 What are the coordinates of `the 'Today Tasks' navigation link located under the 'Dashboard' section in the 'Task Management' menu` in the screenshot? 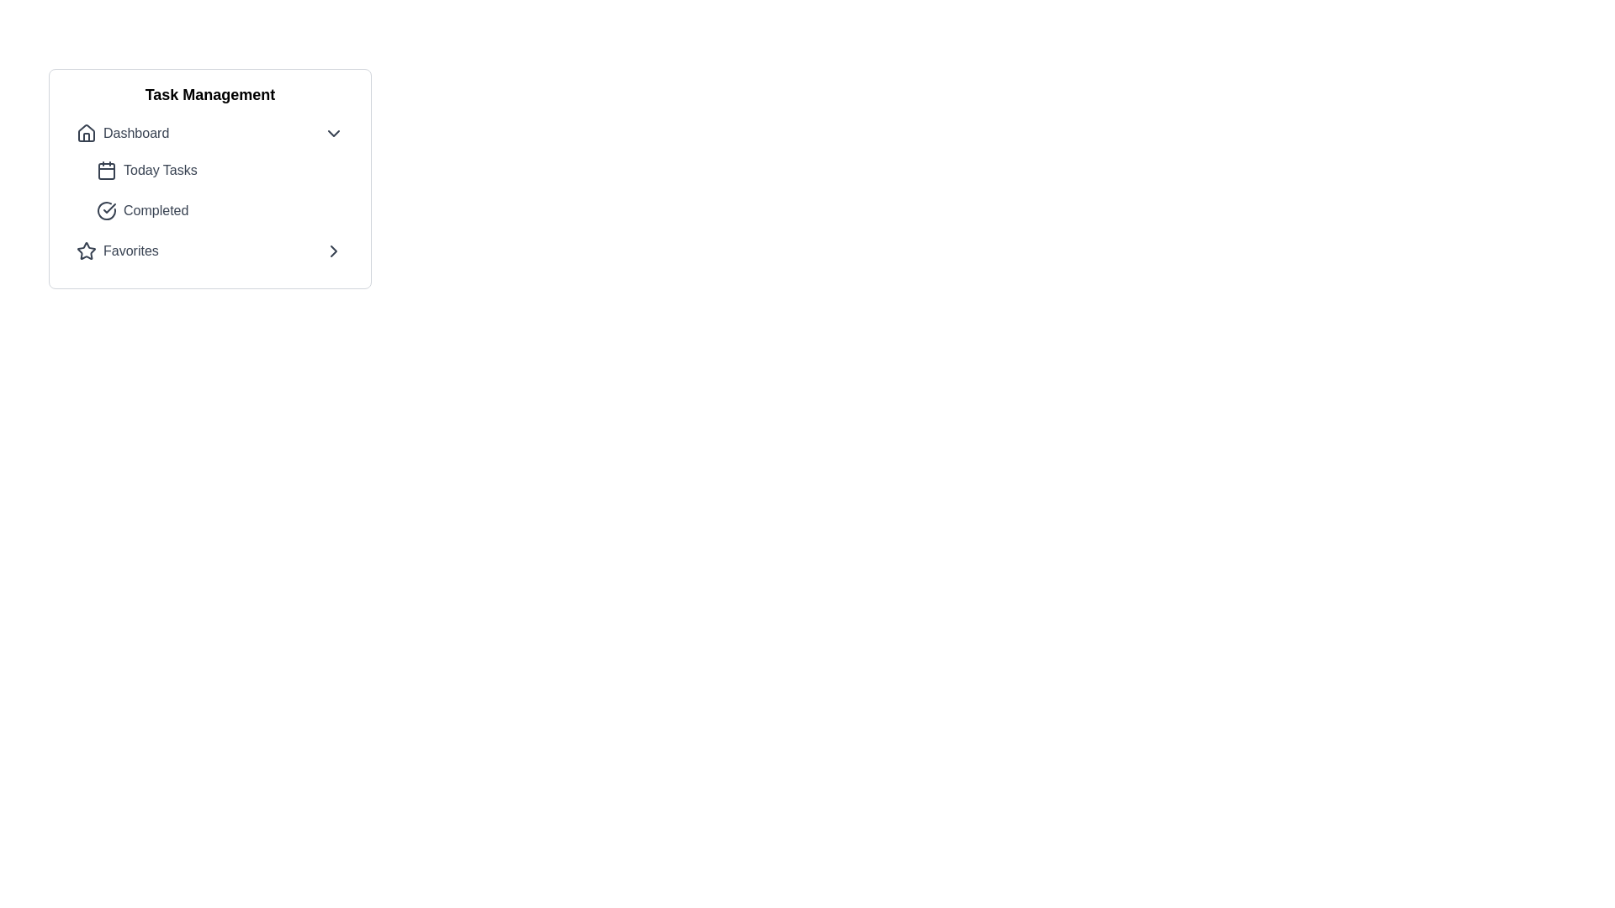 It's located at (220, 190).